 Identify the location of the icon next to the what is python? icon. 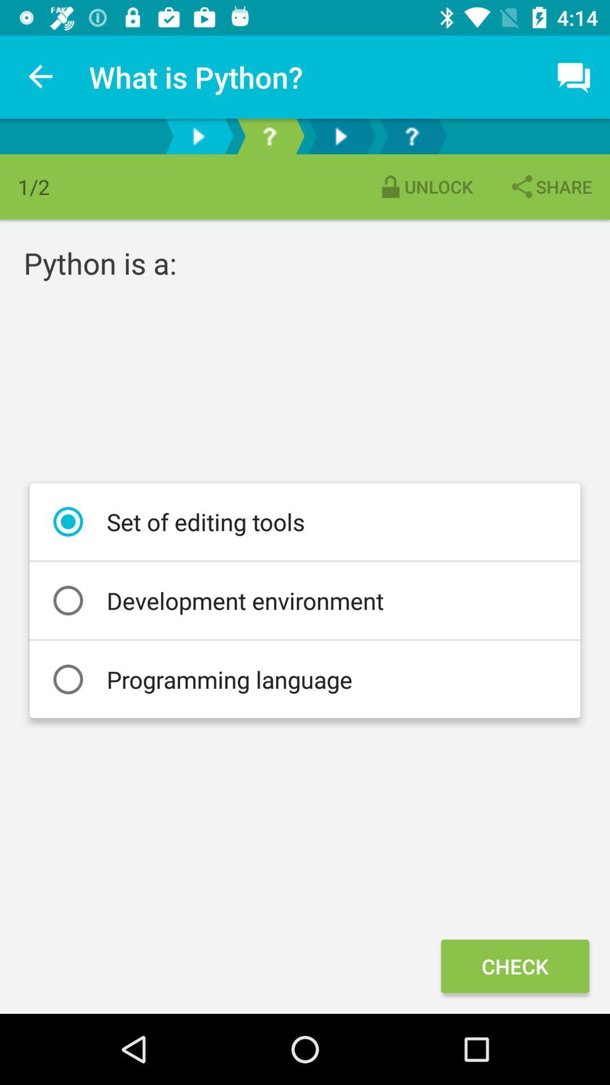
(41, 76).